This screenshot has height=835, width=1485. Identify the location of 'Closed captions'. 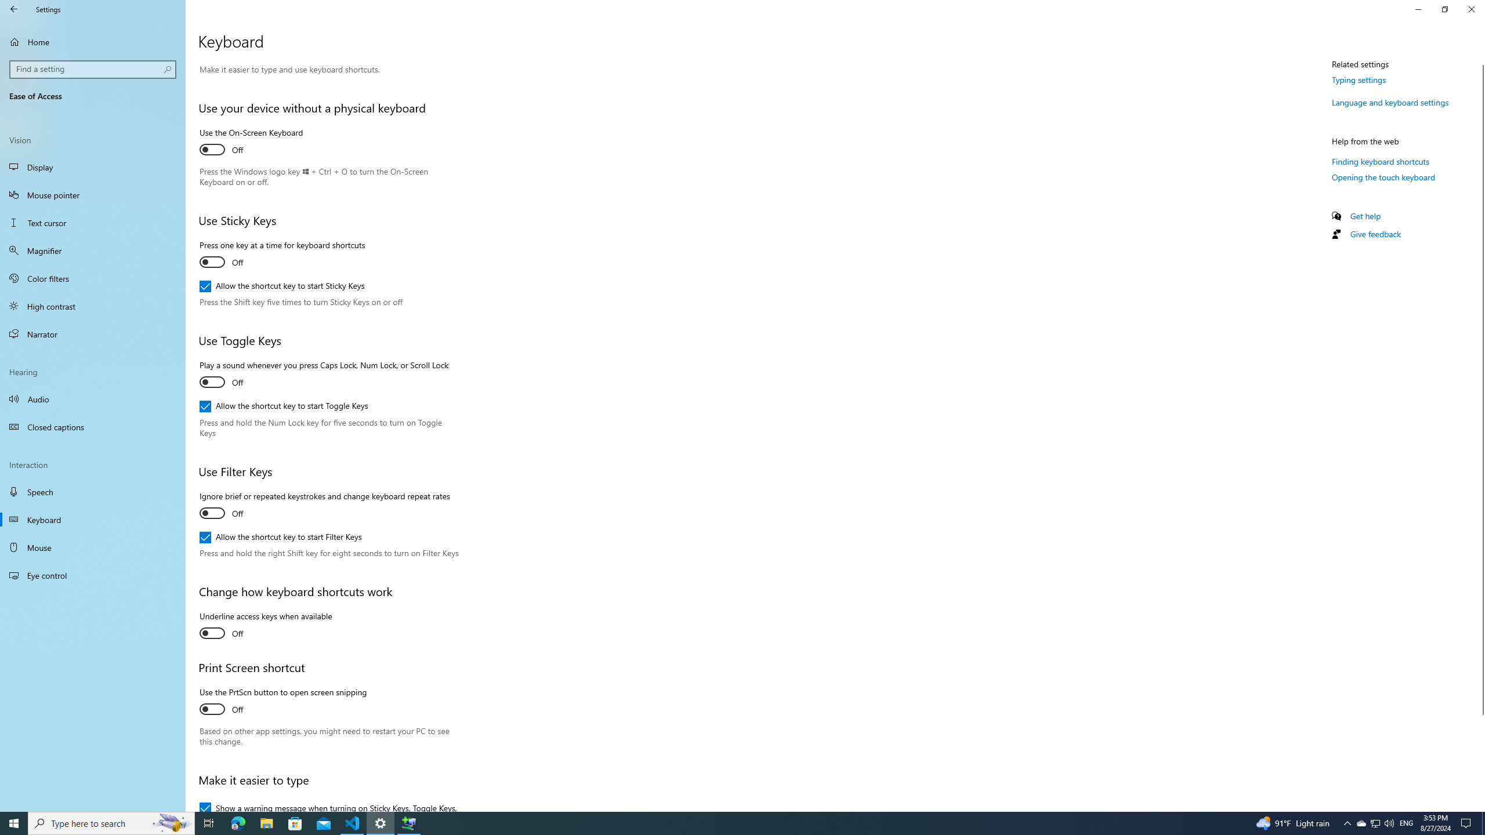
(92, 426).